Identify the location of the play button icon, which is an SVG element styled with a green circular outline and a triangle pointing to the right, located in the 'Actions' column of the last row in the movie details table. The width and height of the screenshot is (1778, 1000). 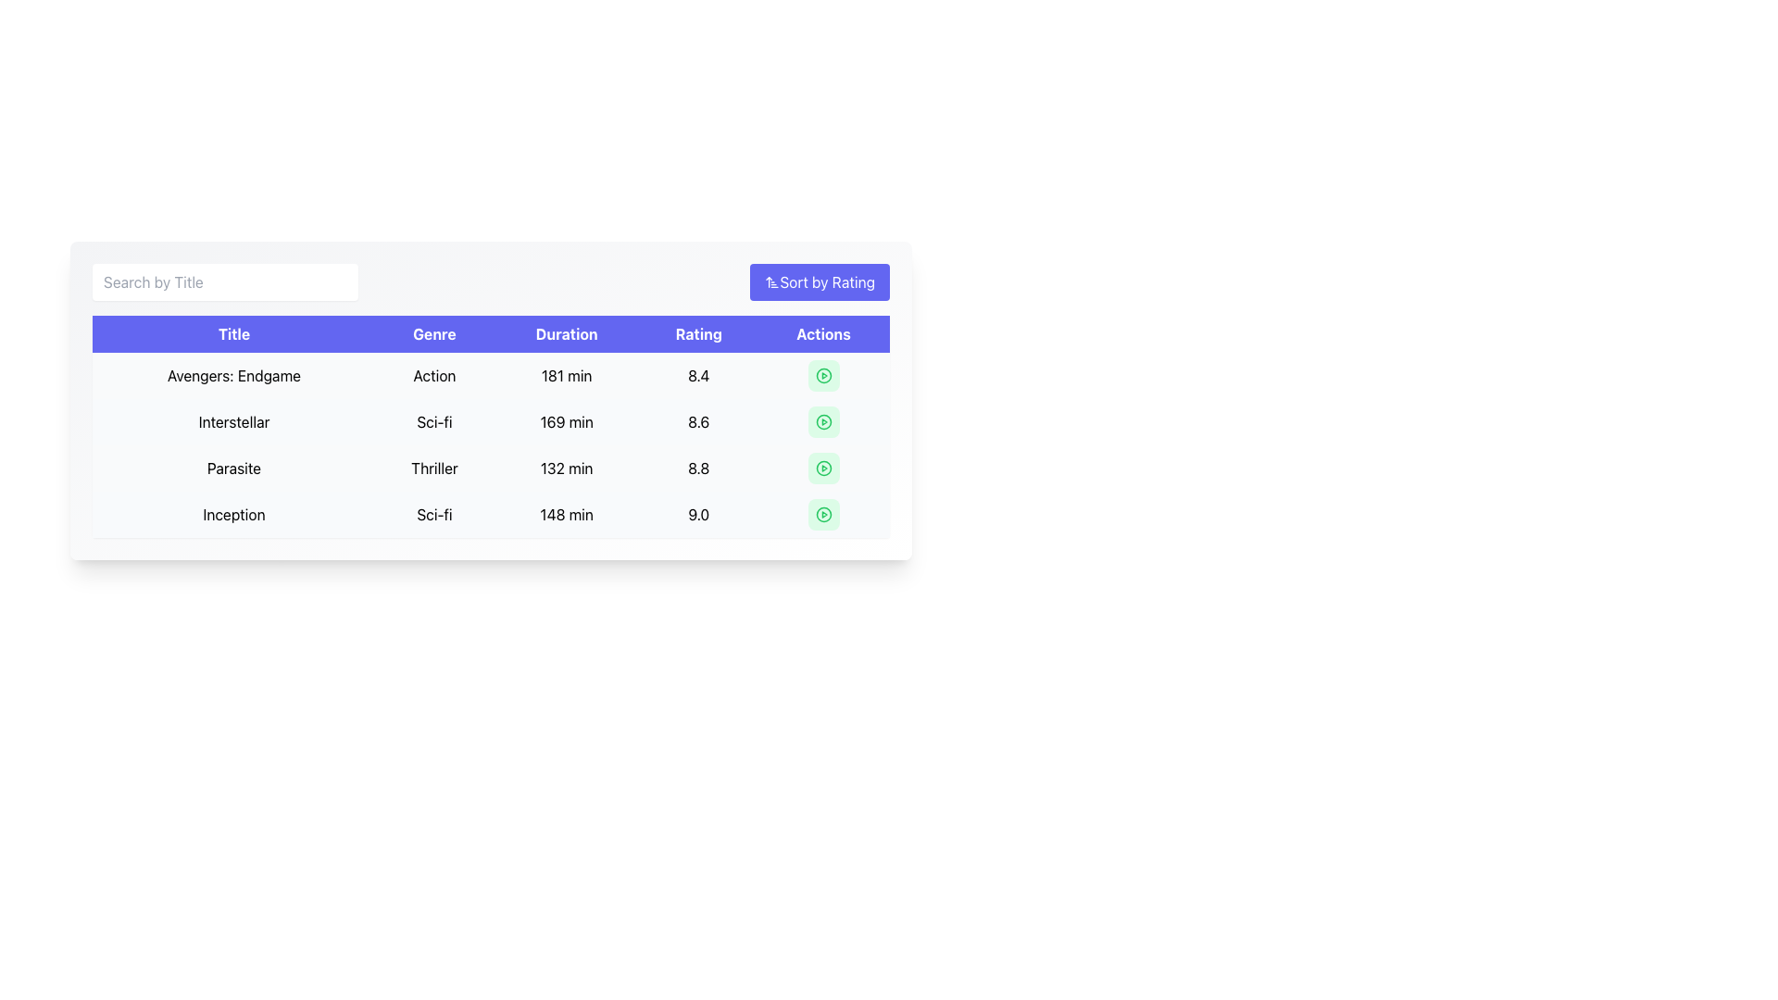
(822, 514).